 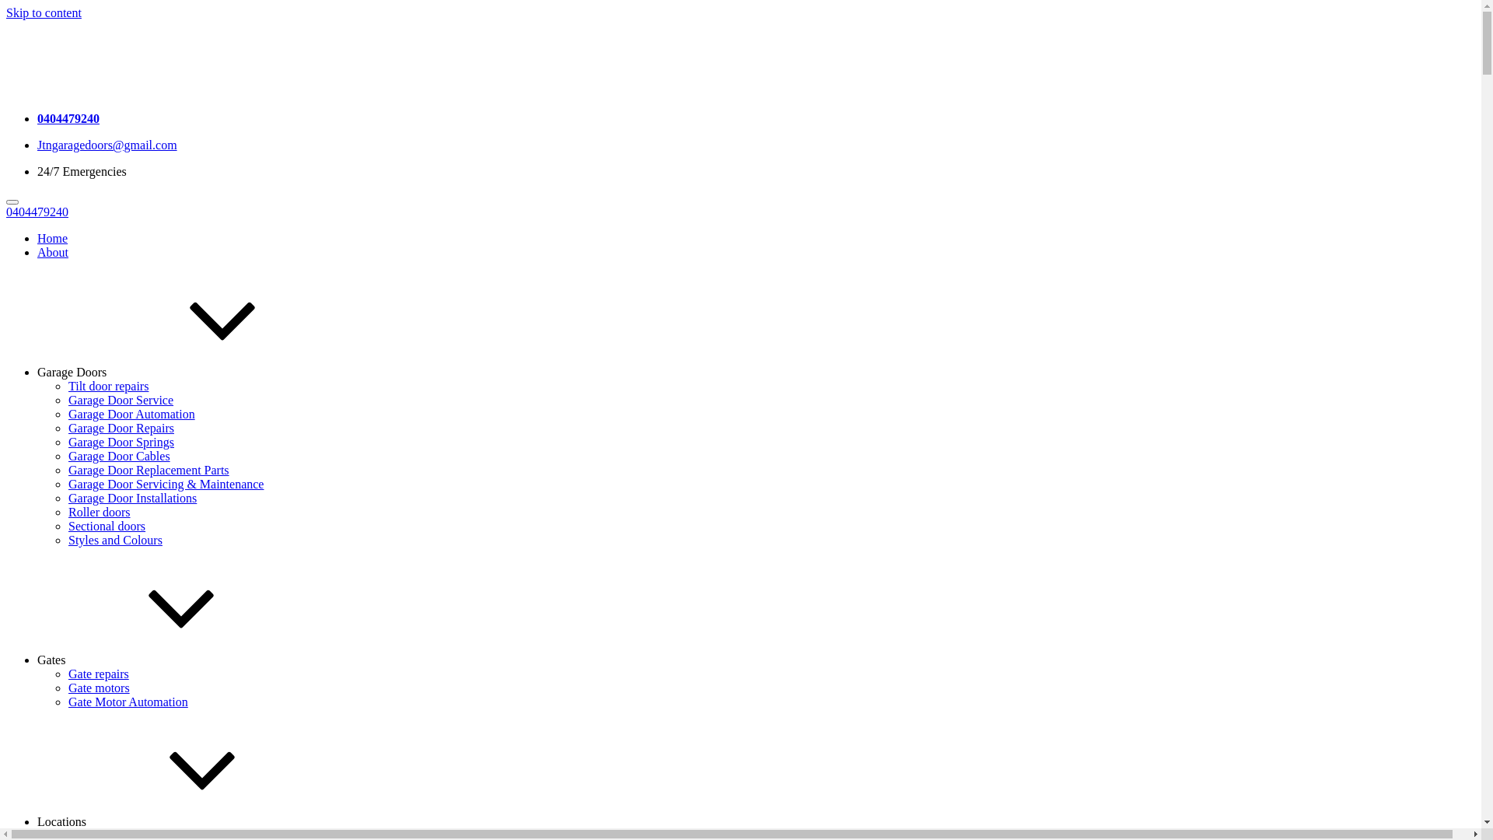 I want to click on 'Garage Door Repairs', so click(x=121, y=428).